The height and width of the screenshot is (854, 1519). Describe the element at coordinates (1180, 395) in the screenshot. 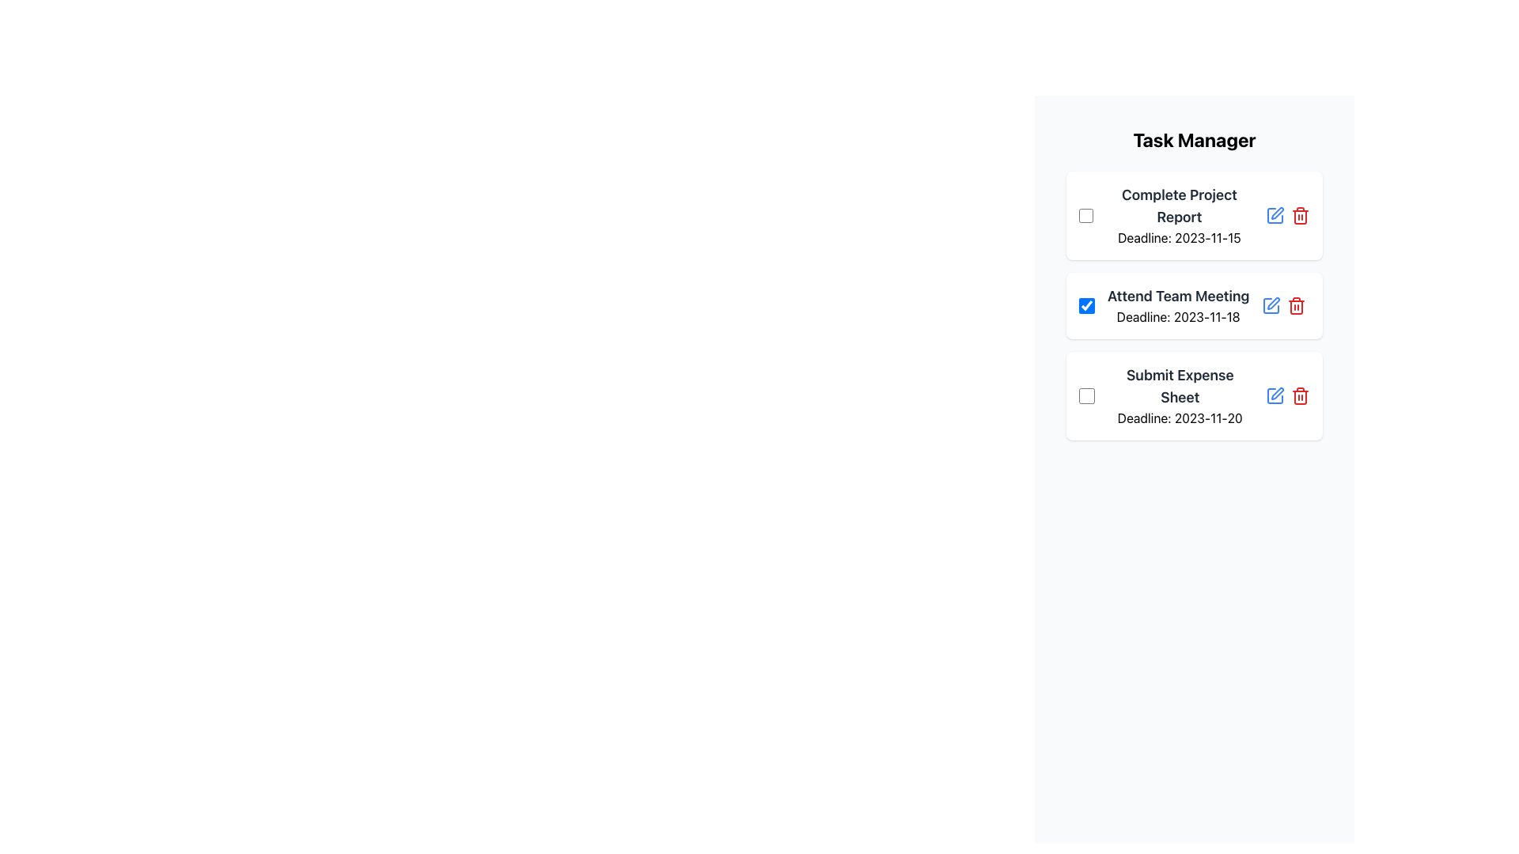

I see `task title and deadline information from the textual element located in the center of the third task card under 'Task Manager', positioned between a checkbox and action icons` at that location.